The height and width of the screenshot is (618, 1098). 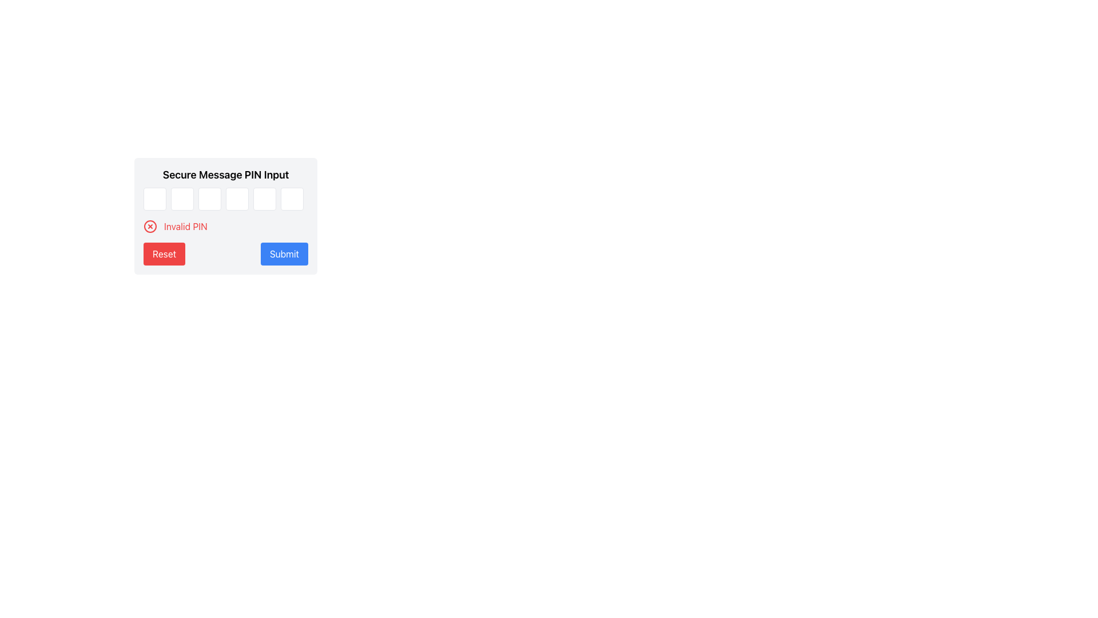 What do you see at coordinates (225, 216) in the screenshot?
I see `the input boxes of the 'Secure Message PIN Input' component to focus and enter digits` at bounding box center [225, 216].